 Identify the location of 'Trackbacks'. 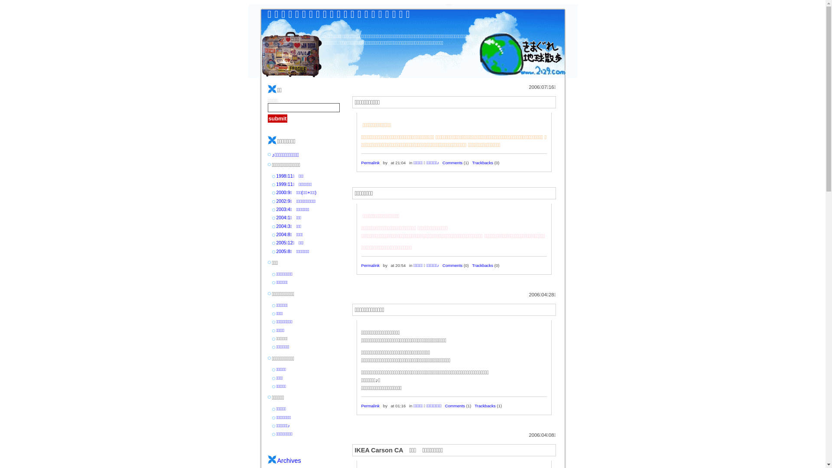
(484, 406).